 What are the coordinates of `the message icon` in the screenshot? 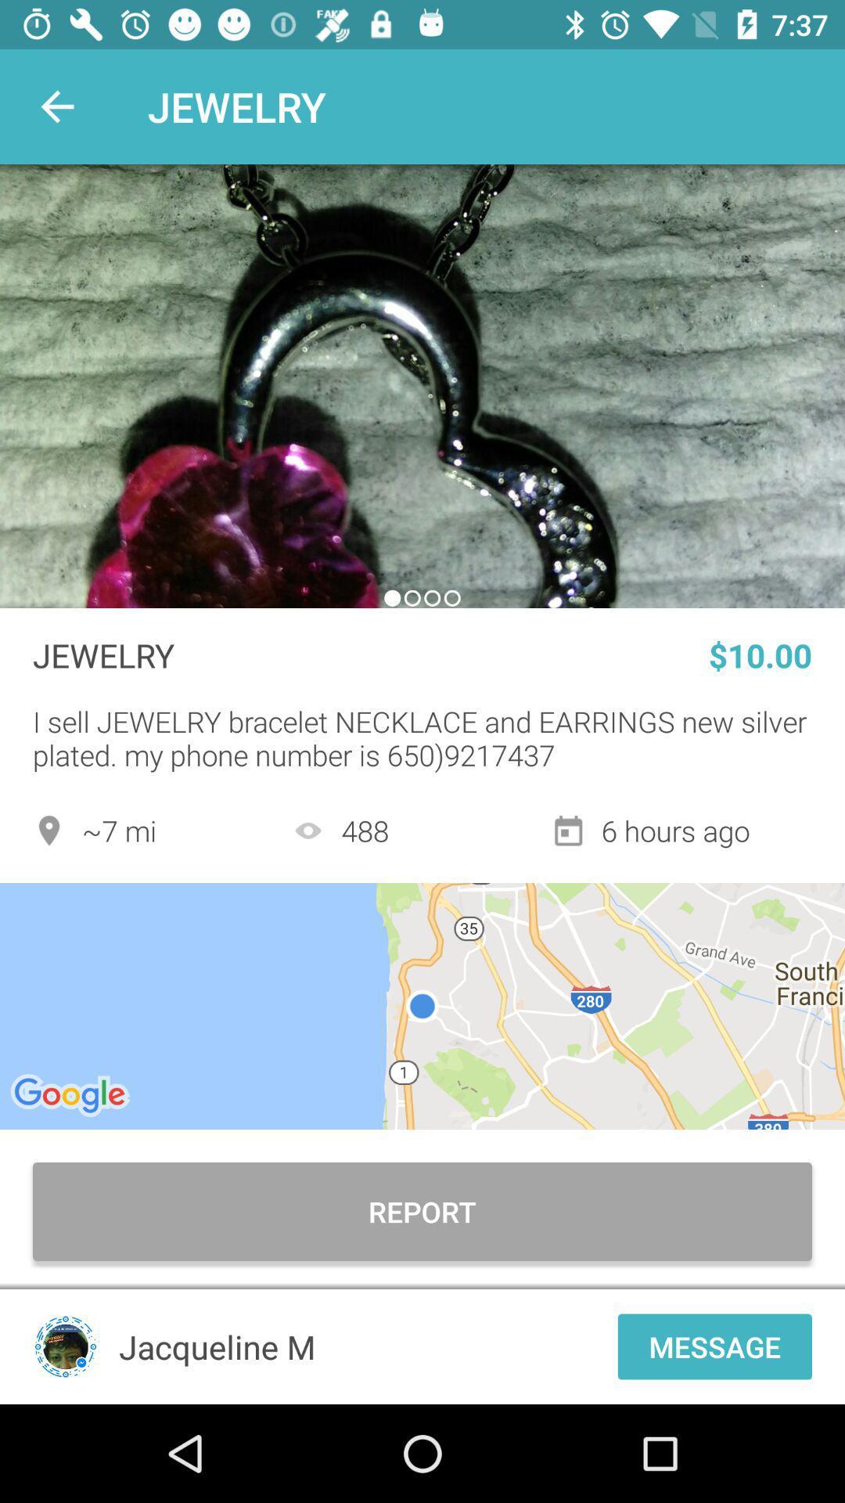 It's located at (714, 1346).